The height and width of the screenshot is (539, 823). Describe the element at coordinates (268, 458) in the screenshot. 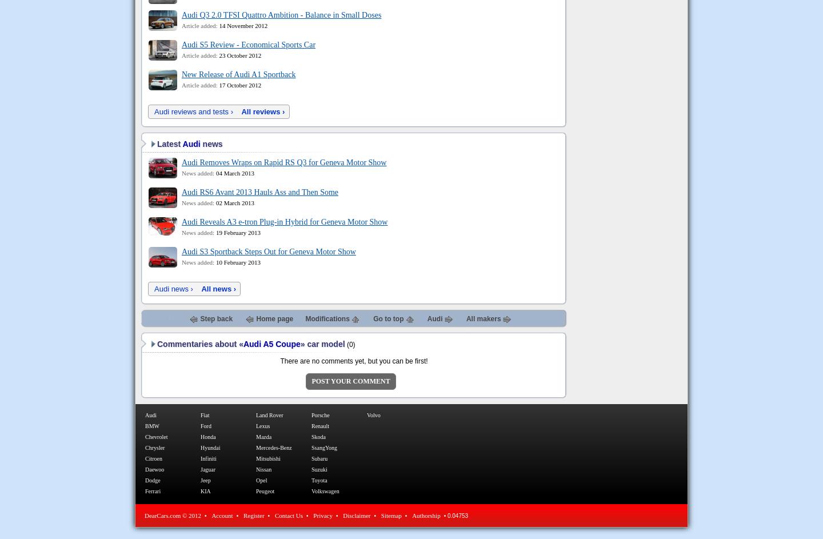

I see `'Mitsubishi'` at that location.